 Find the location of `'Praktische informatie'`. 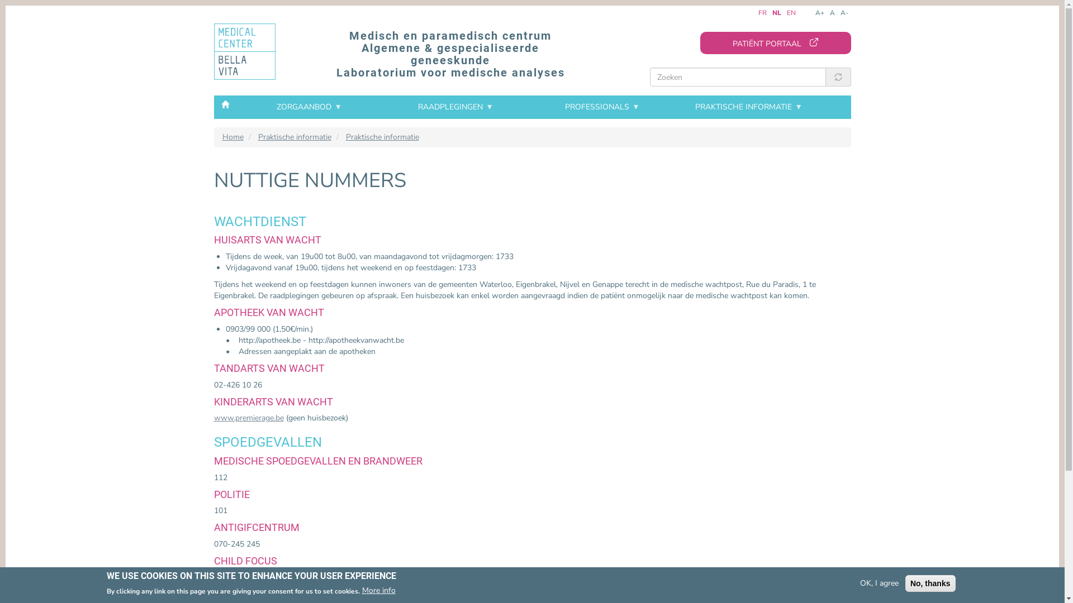

'Praktische informatie' is located at coordinates (295, 136).